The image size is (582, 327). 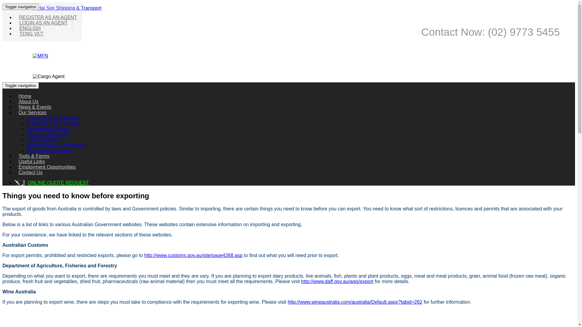 What do you see at coordinates (67, 8) in the screenshot?
I see `'Hai Son Shipping & Transport'` at bounding box center [67, 8].